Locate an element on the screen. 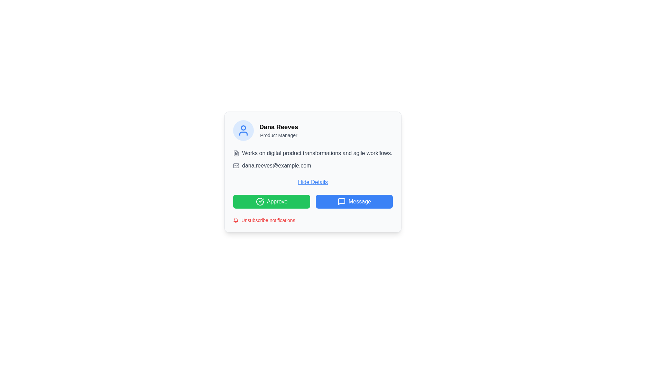  the chat bubble icon located inside the blue 'Message' button, positioned to the left of the button's text label is located at coordinates (342, 201).